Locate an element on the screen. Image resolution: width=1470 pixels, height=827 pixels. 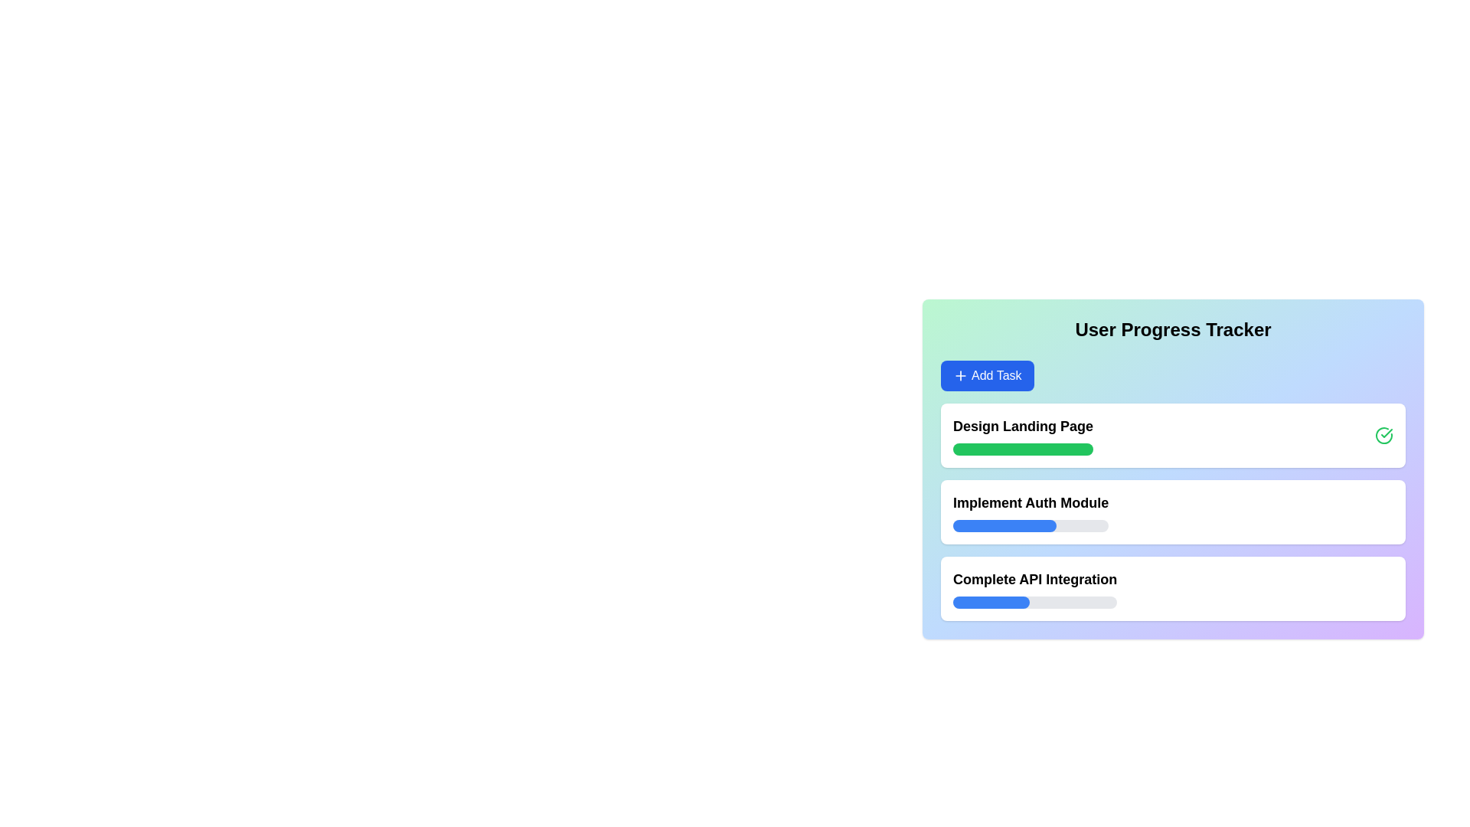
the 'Complete API Integration' progress tracker element is located at coordinates (1172, 587).